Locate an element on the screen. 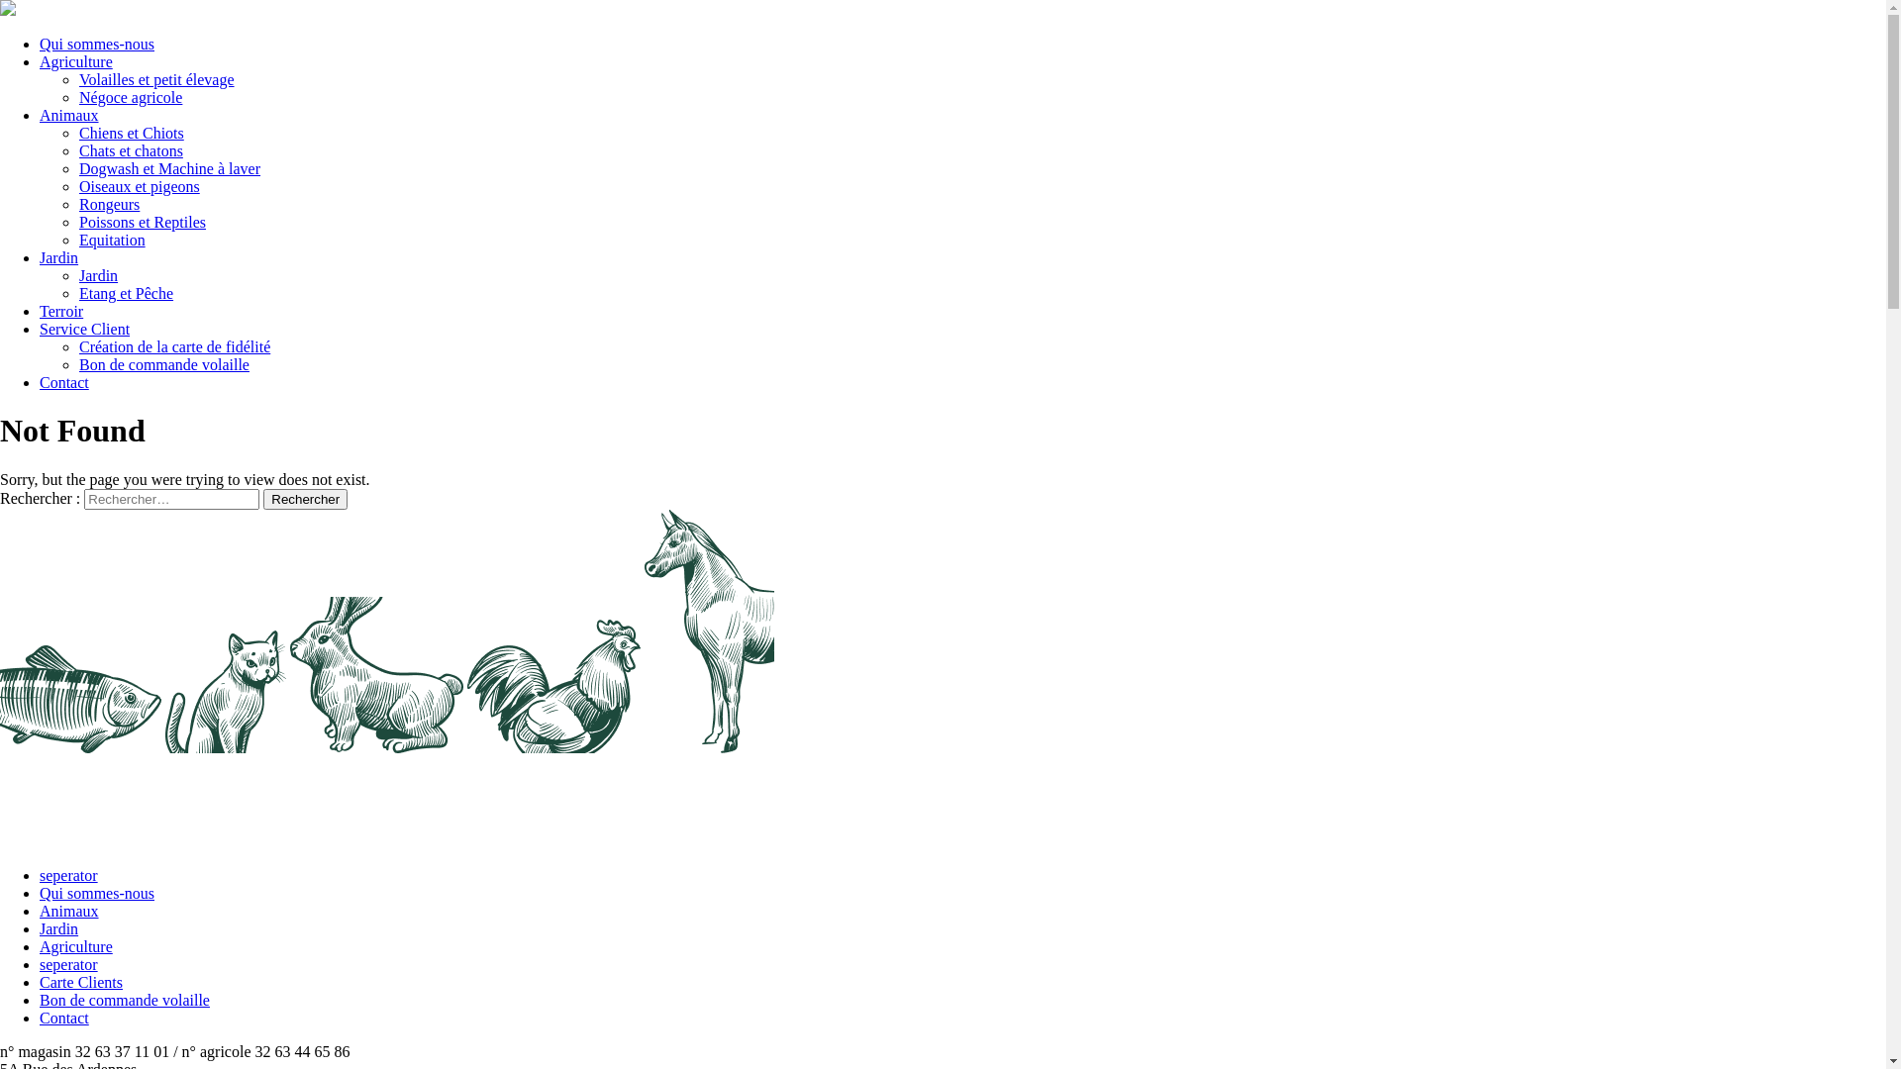 Image resolution: width=1901 pixels, height=1069 pixels. 'Animaux' is located at coordinates (69, 115).